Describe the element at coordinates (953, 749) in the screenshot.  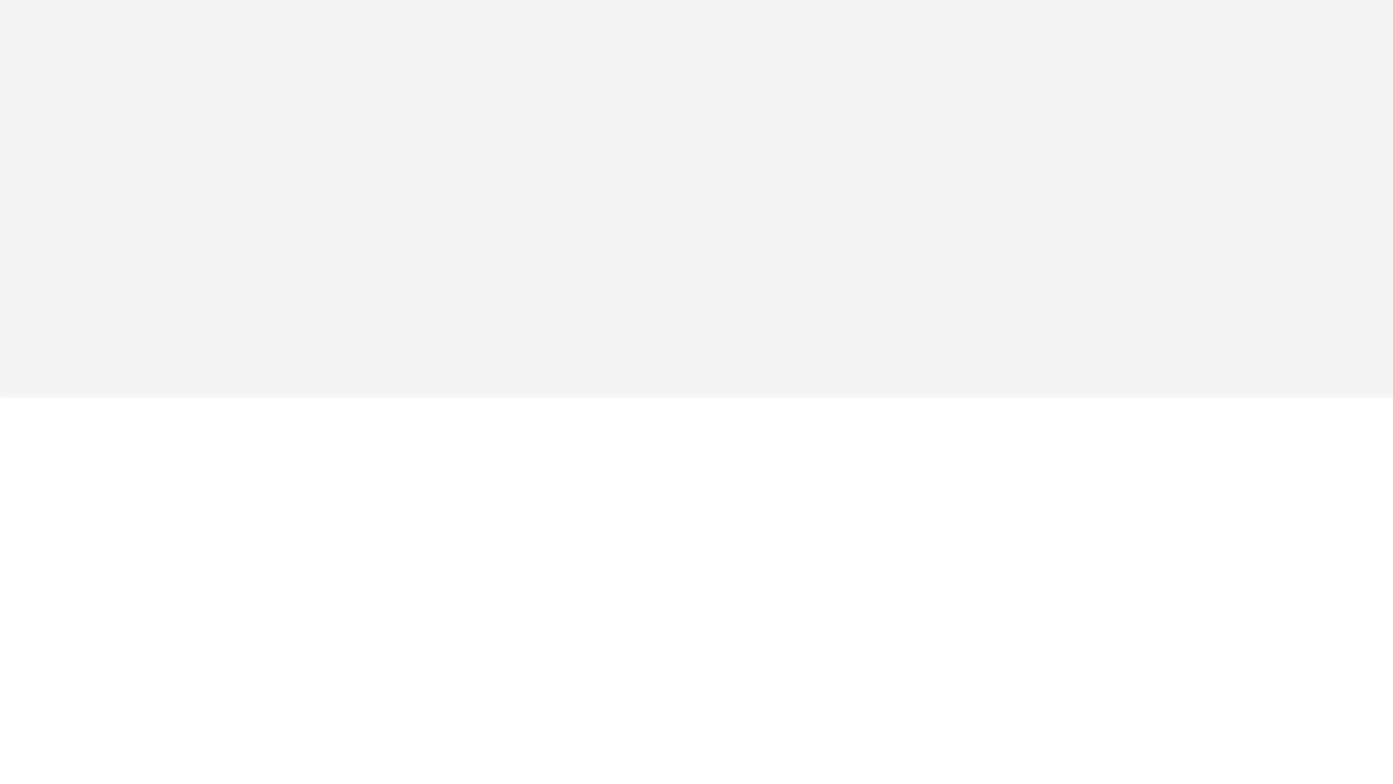
I see `Accept Use of Cookies` at that location.